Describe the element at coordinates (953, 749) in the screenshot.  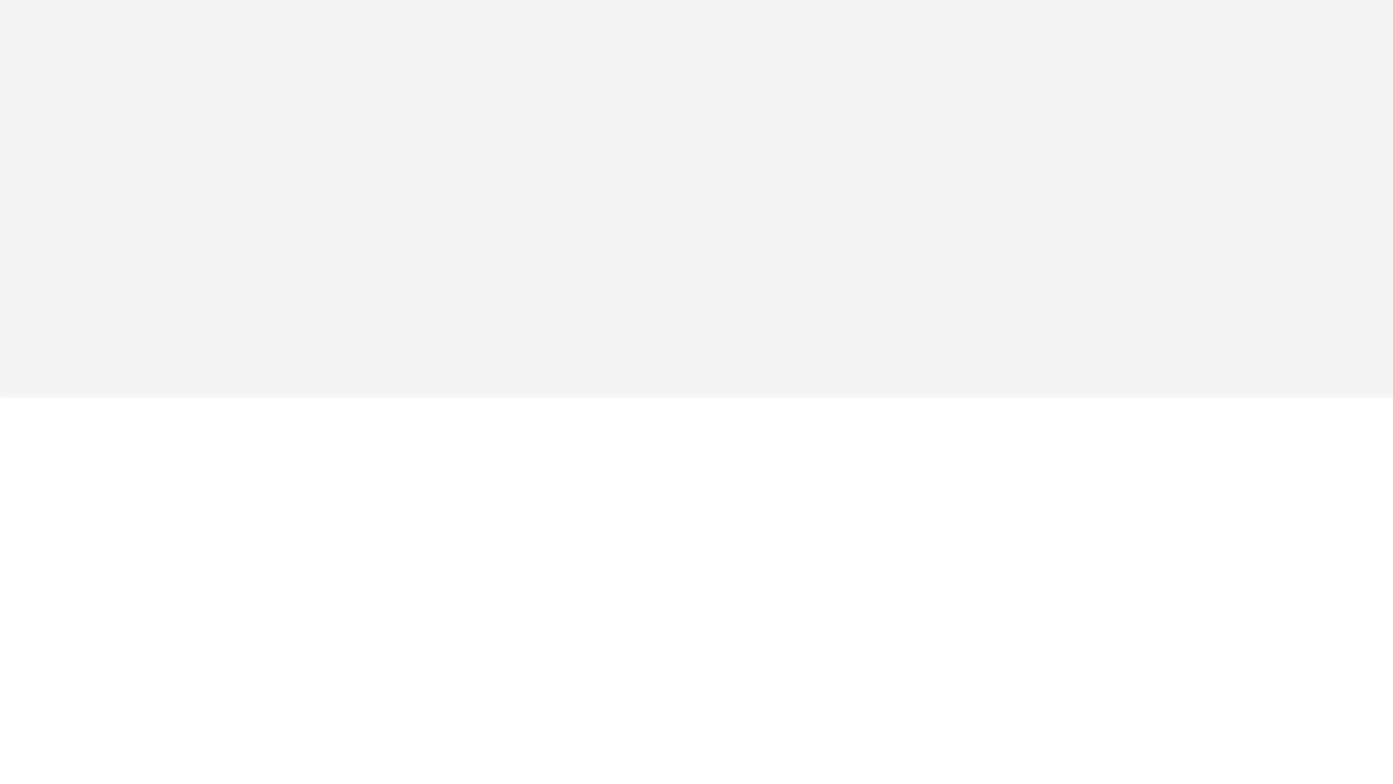
I see `Accept Use of Cookies` at that location.